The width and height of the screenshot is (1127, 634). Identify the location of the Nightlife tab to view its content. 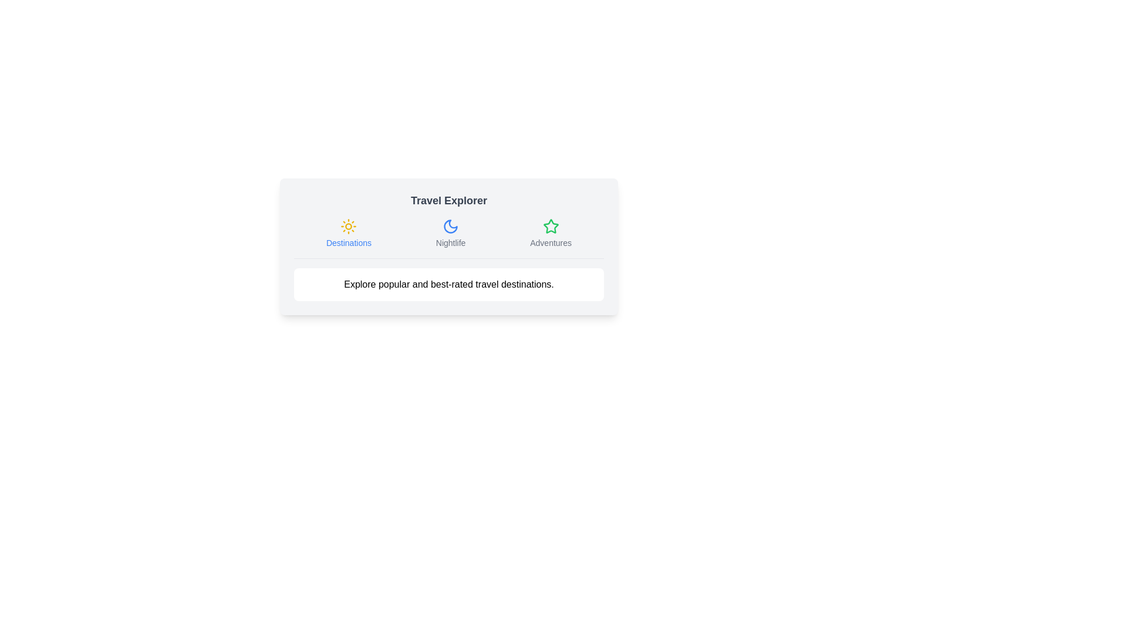
(450, 233).